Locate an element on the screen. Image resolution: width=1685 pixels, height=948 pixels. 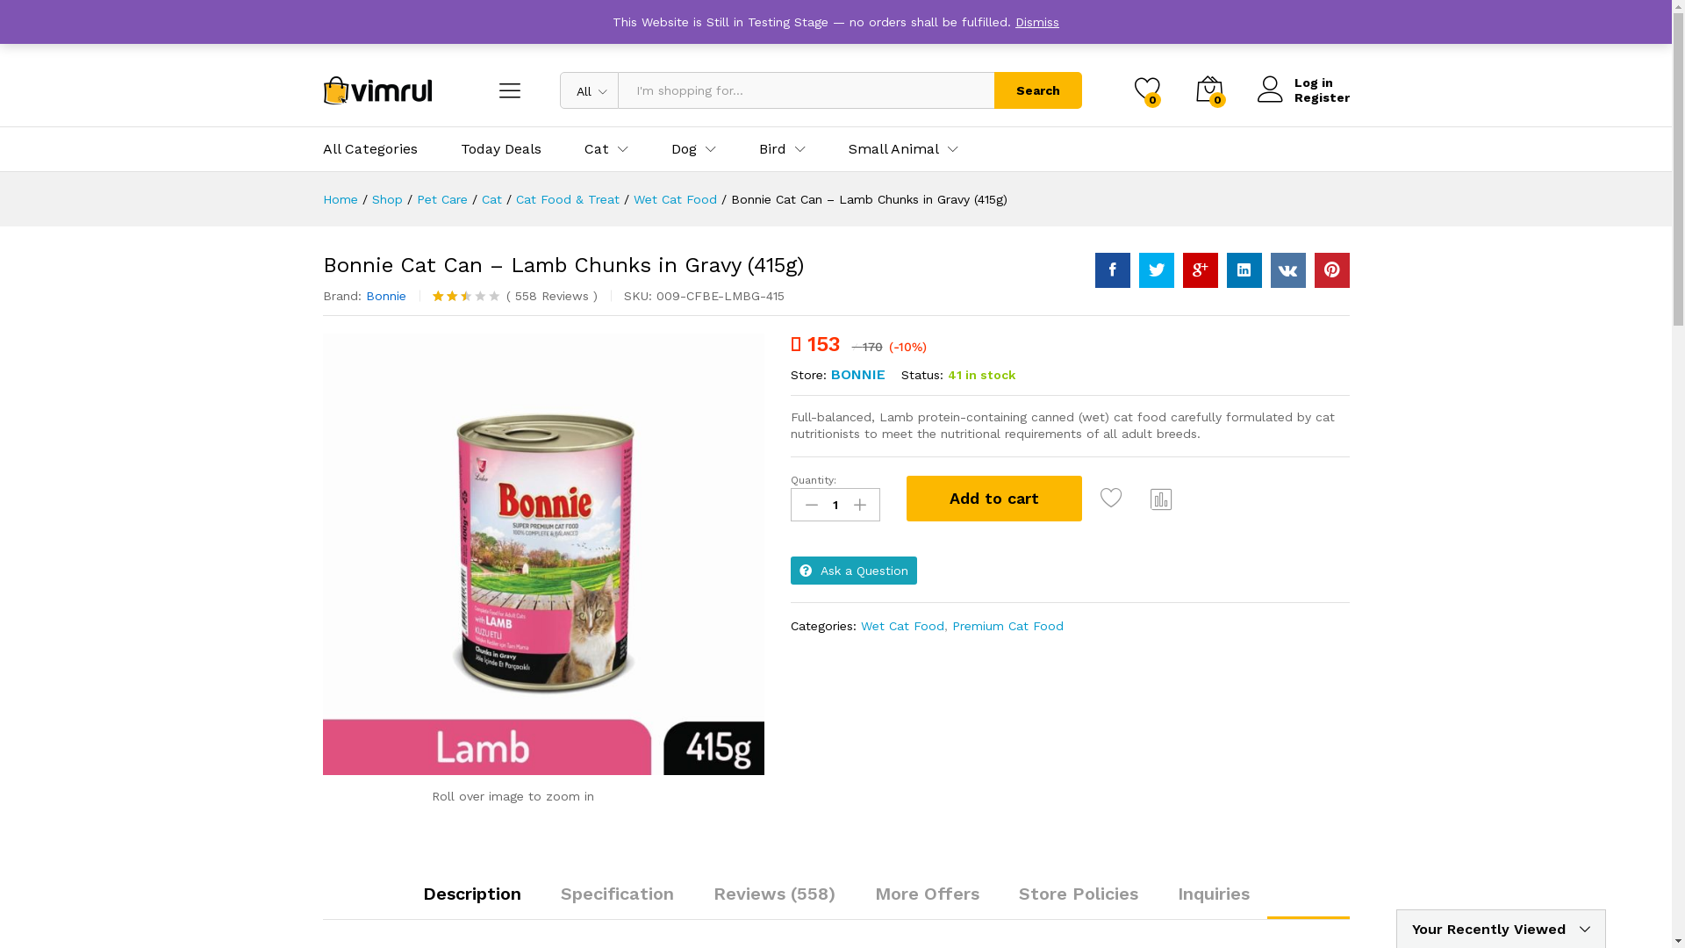
'Inquiries' is located at coordinates (1212, 894).